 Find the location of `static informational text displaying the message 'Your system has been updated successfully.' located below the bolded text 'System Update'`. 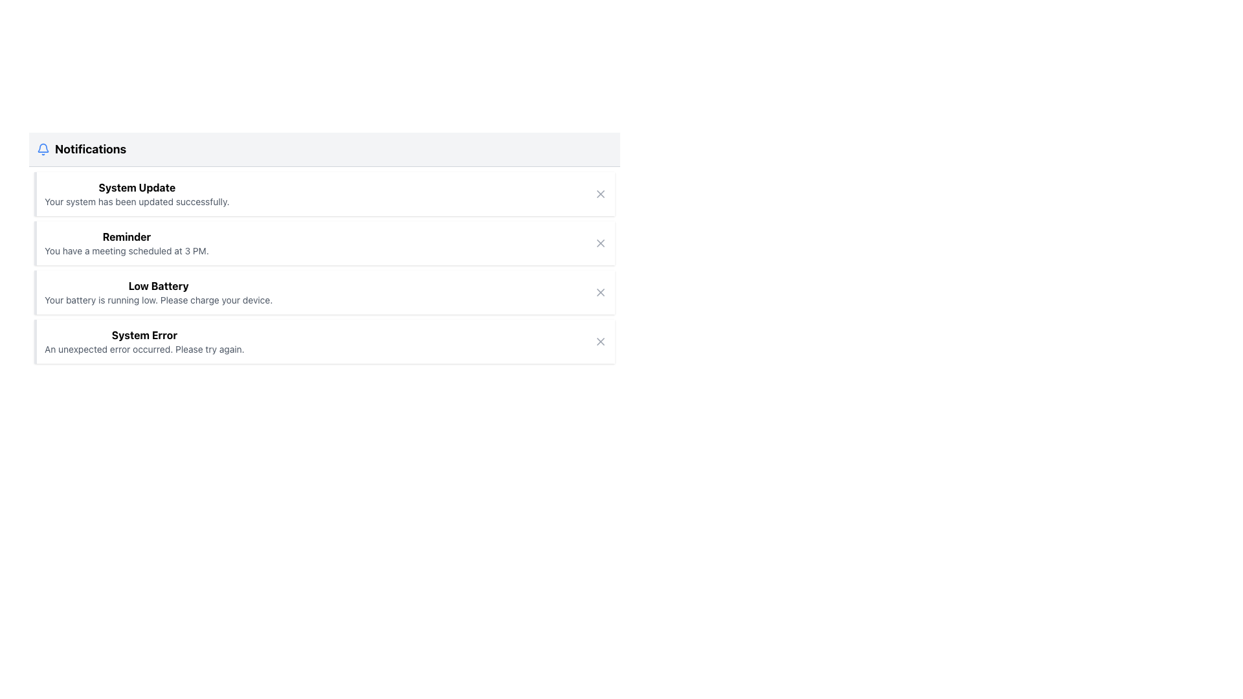

static informational text displaying the message 'Your system has been updated successfully.' located below the bolded text 'System Update' is located at coordinates (137, 202).